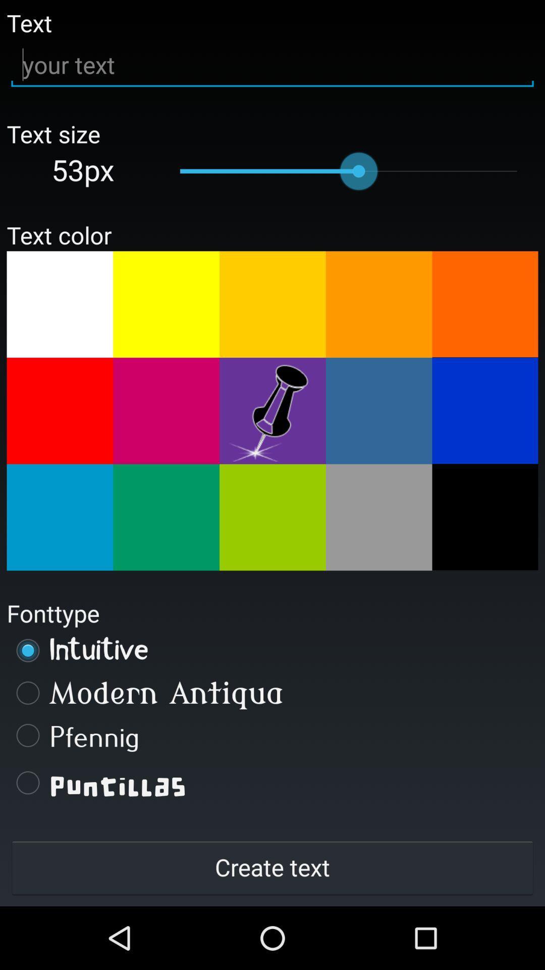  What do you see at coordinates (484, 517) in the screenshot?
I see `selects black for the text color` at bounding box center [484, 517].